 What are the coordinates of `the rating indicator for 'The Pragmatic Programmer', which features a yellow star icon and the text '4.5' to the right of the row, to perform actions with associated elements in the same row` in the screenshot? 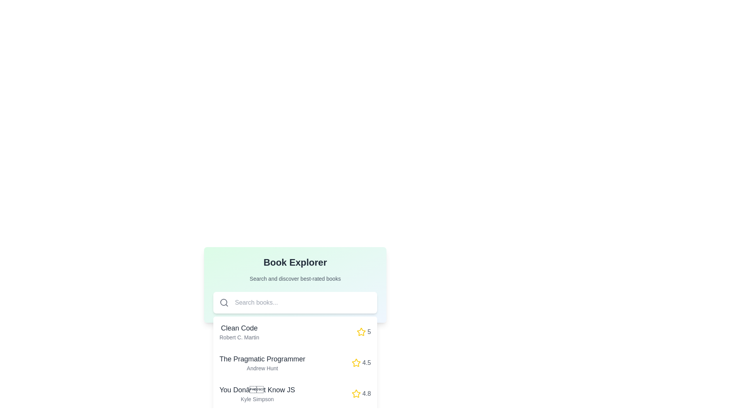 It's located at (361, 363).